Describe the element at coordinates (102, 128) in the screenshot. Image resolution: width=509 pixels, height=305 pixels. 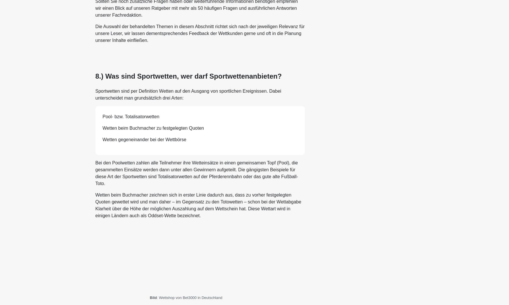
I see `'Wetten beim Buchmacher zu festgelegten Quoten'` at that location.